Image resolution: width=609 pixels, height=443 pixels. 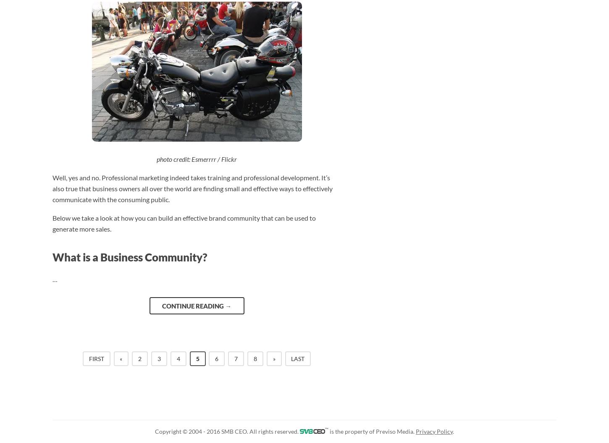 What do you see at coordinates (193, 305) in the screenshot?
I see `'Continue reading'` at bounding box center [193, 305].